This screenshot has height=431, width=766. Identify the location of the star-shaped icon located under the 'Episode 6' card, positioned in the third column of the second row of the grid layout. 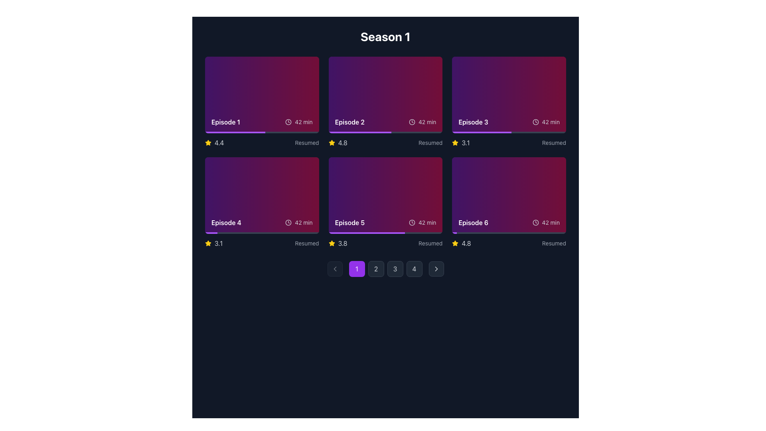
(208, 243).